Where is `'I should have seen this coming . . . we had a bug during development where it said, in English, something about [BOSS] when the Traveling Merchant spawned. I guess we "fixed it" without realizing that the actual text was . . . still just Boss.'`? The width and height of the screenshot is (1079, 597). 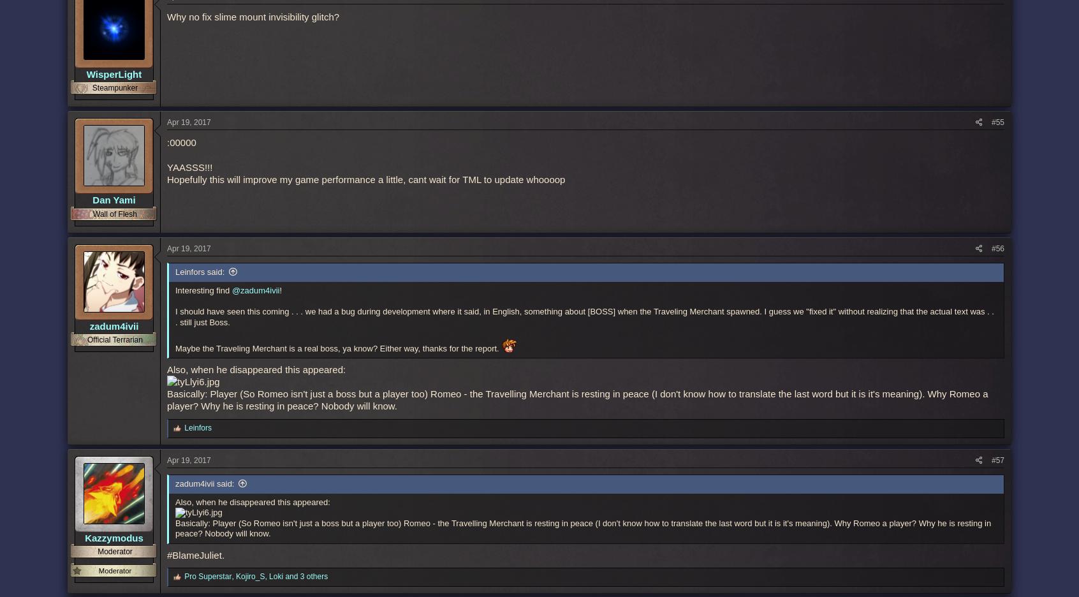
'I should have seen this coming . . . we had a bug during development where it said, in English, something about [BOSS] when the Traveling Merchant spawned. I guess we "fixed it" without realizing that the actual text was . . . still just Boss.' is located at coordinates (584, 315).